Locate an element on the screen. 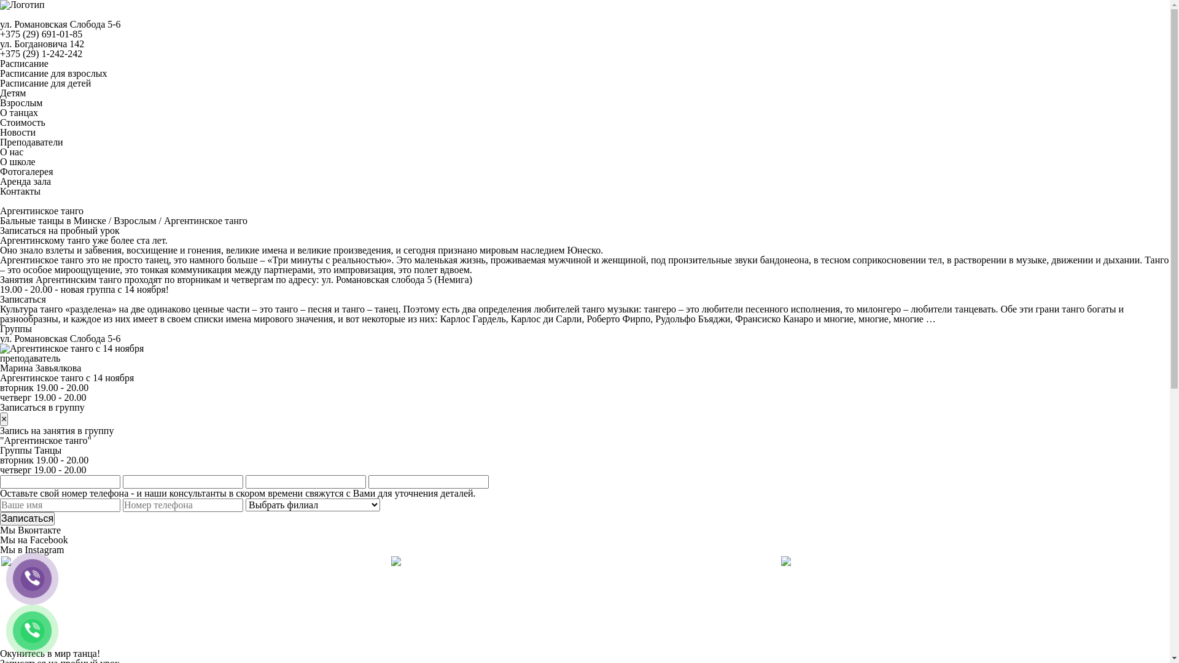 The height and width of the screenshot is (663, 1179). '+375 (29) 1-242-242' is located at coordinates (41, 53).